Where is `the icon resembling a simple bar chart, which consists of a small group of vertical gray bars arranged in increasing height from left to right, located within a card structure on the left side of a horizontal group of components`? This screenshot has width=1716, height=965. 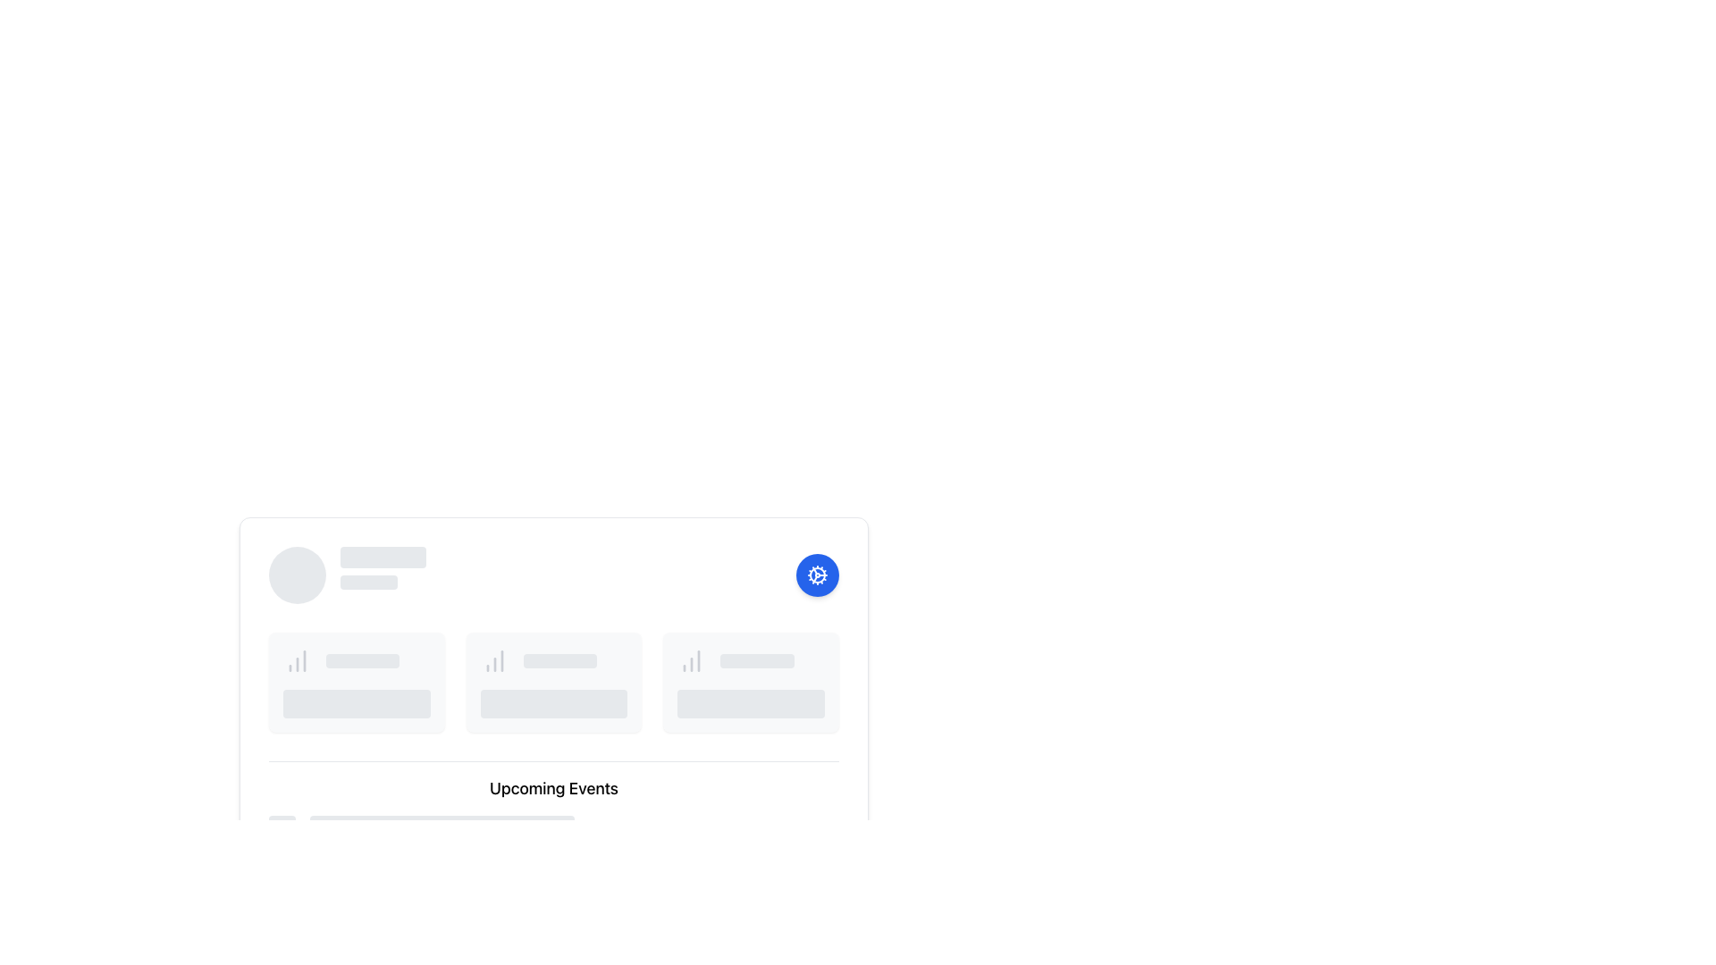
the icon resembling a simple bar chart, which consists of a small group of vertical gray bars arranged in increasing height from left to right, located within a card structure on the left side of a horizontal group of components is located at coordinates (494, 661).